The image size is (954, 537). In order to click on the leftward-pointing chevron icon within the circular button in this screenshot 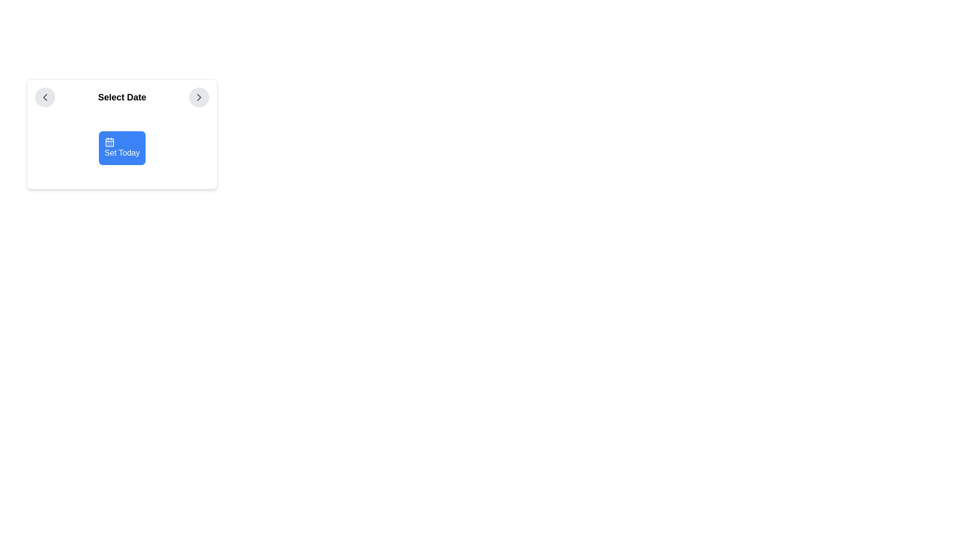, I will do `click(45, 97)`.